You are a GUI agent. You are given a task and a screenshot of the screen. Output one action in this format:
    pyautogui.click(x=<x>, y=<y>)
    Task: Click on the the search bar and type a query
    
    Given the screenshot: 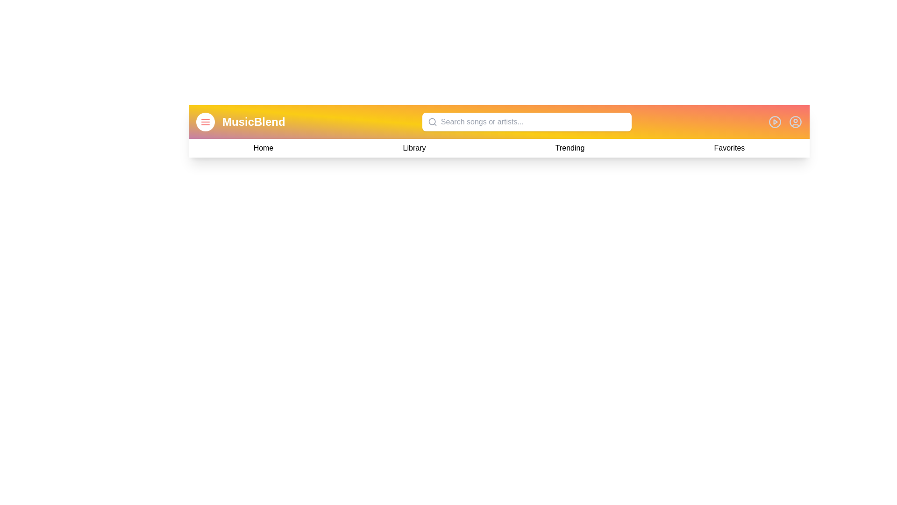 What is the action you would take?
    pyautogui.click(x=527, y=122)
    